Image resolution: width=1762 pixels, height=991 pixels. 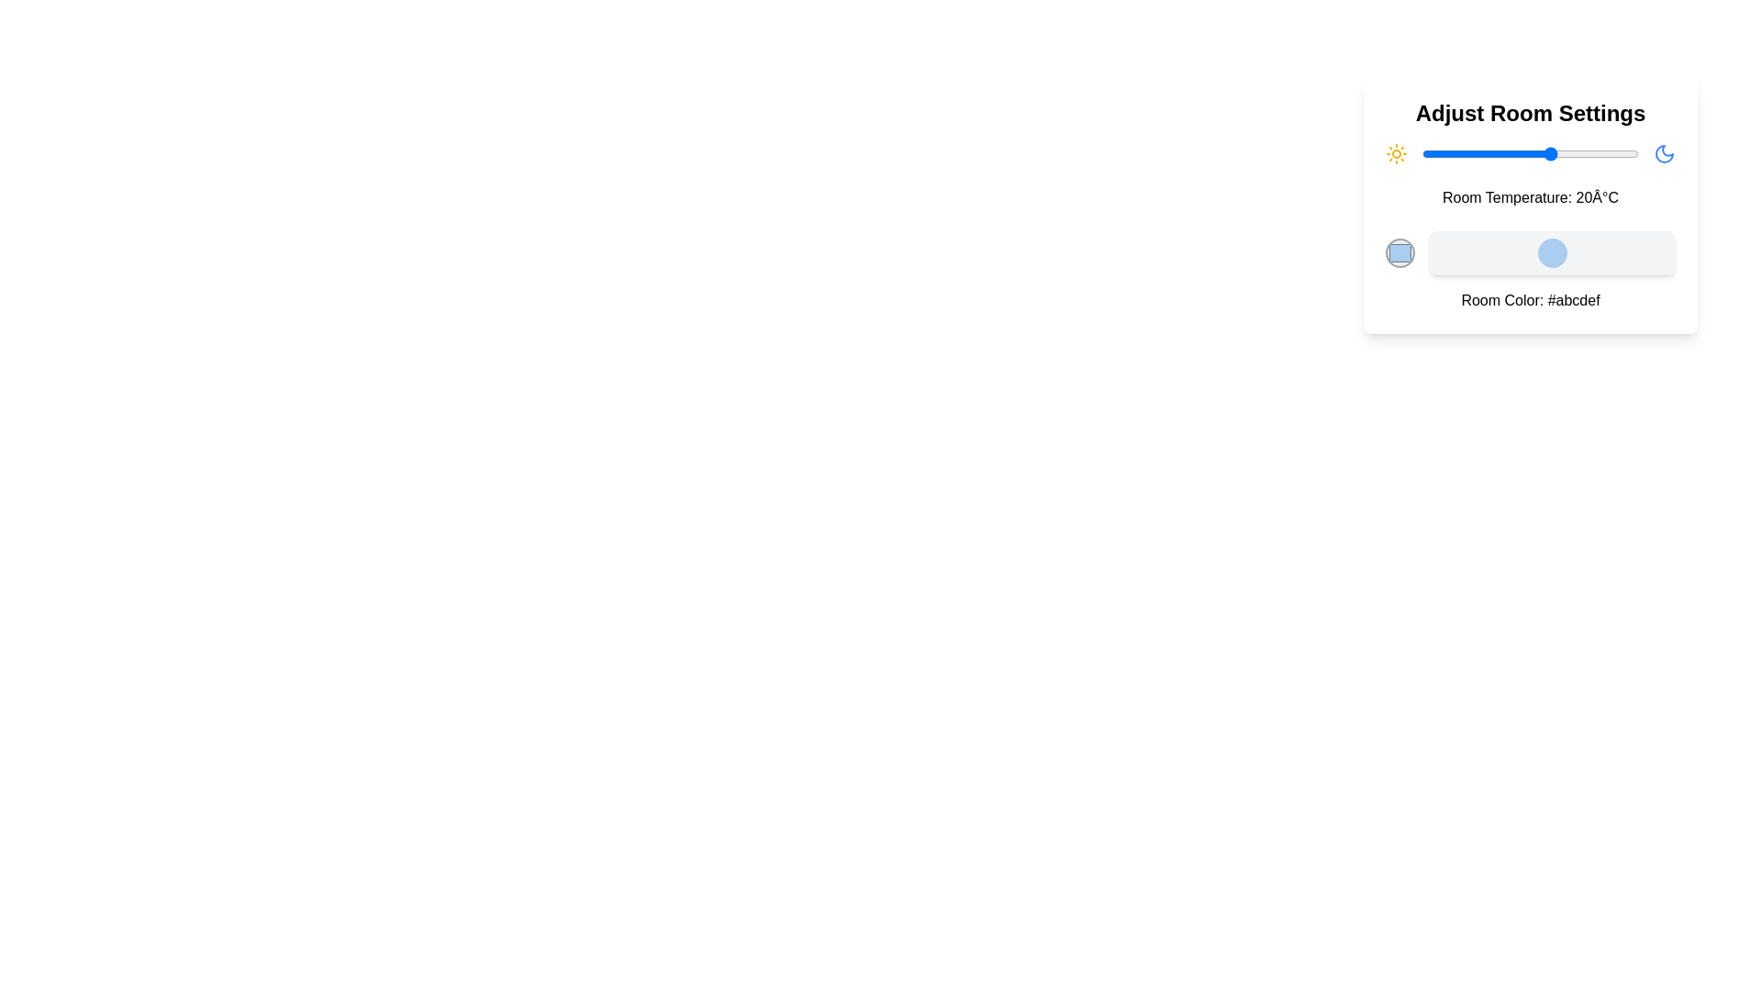 What do you see at coordinates (1590, 153) in the screenshot?
I see `the temperature slider to set the temperature to 29°C` at bounding box center [1590, 153].